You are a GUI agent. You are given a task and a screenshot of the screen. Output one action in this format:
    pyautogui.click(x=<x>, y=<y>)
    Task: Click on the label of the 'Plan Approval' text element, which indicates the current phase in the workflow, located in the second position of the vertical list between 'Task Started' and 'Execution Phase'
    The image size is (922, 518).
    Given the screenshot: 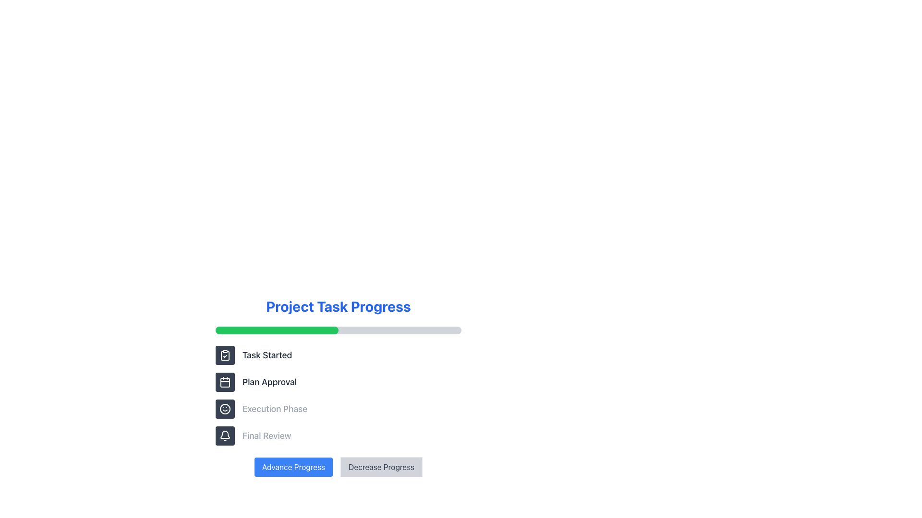 What is the action you would take?
    pyautogui.click(x=269, y=382)
    